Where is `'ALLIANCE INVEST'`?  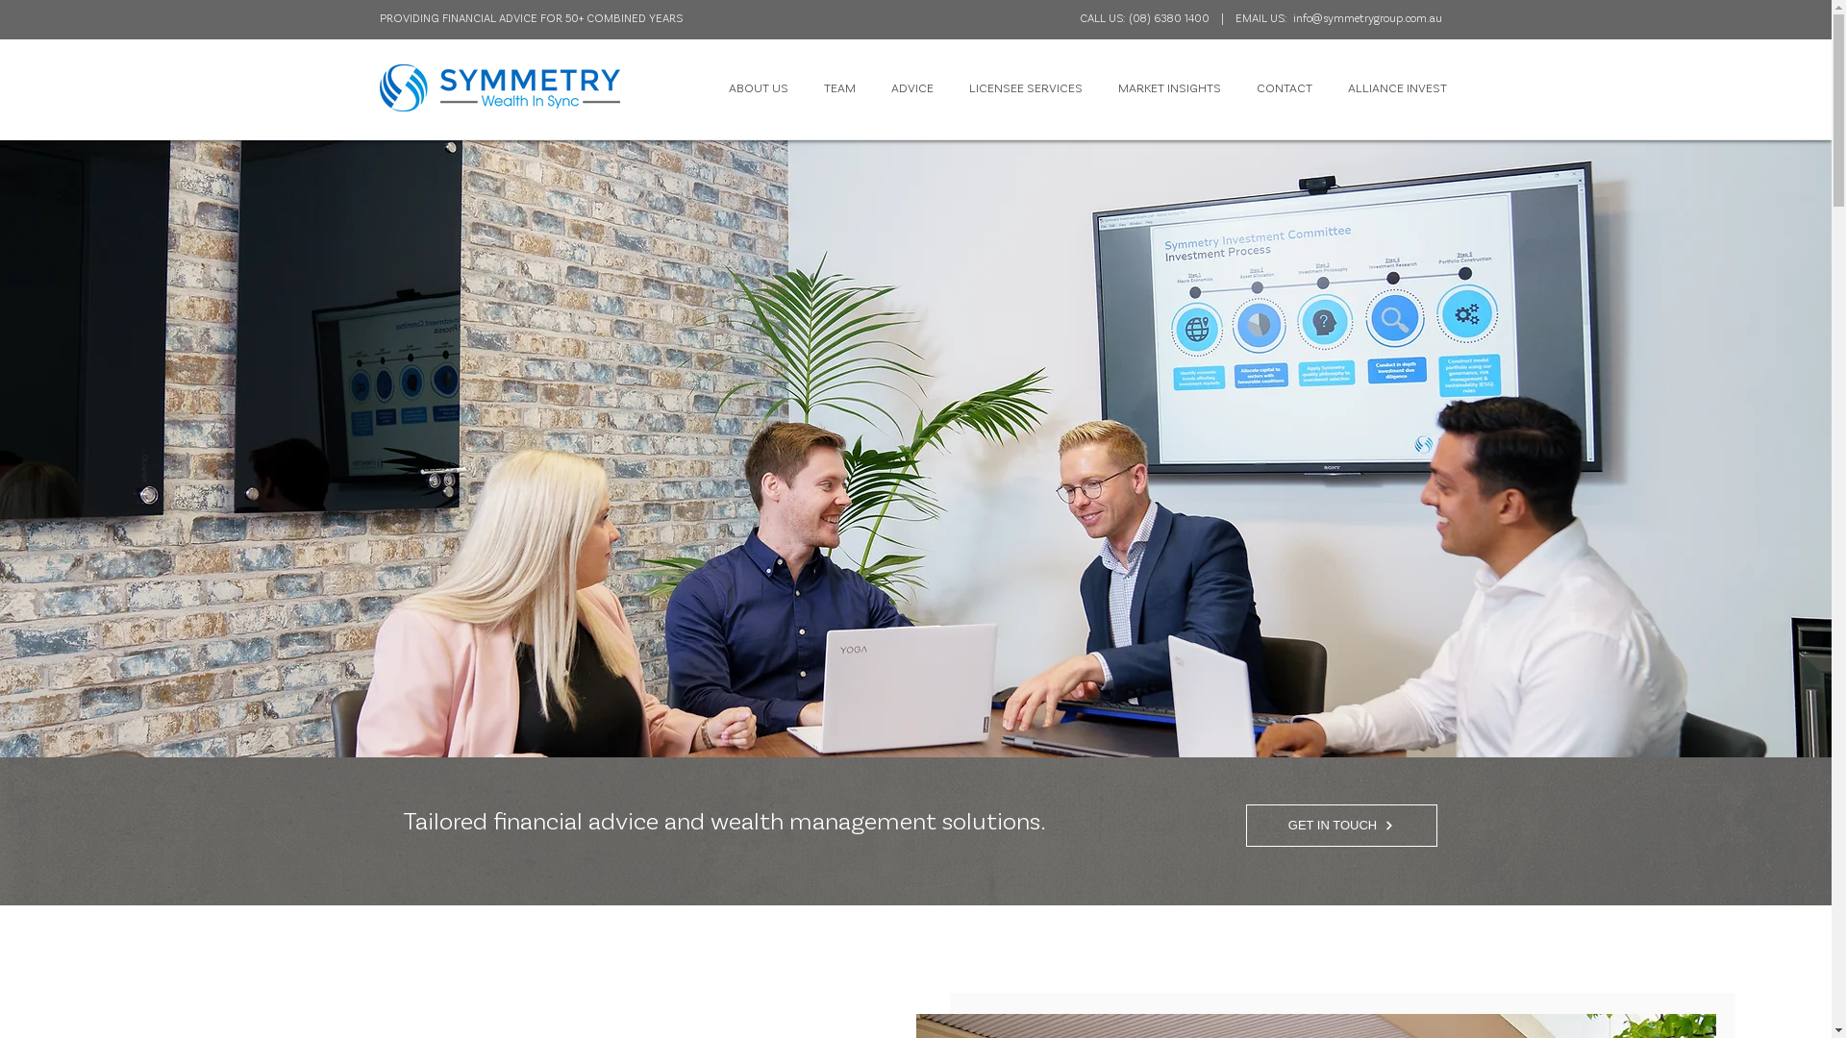
'ALLIANCE INVEST' is located at coordinates (1397, 87).